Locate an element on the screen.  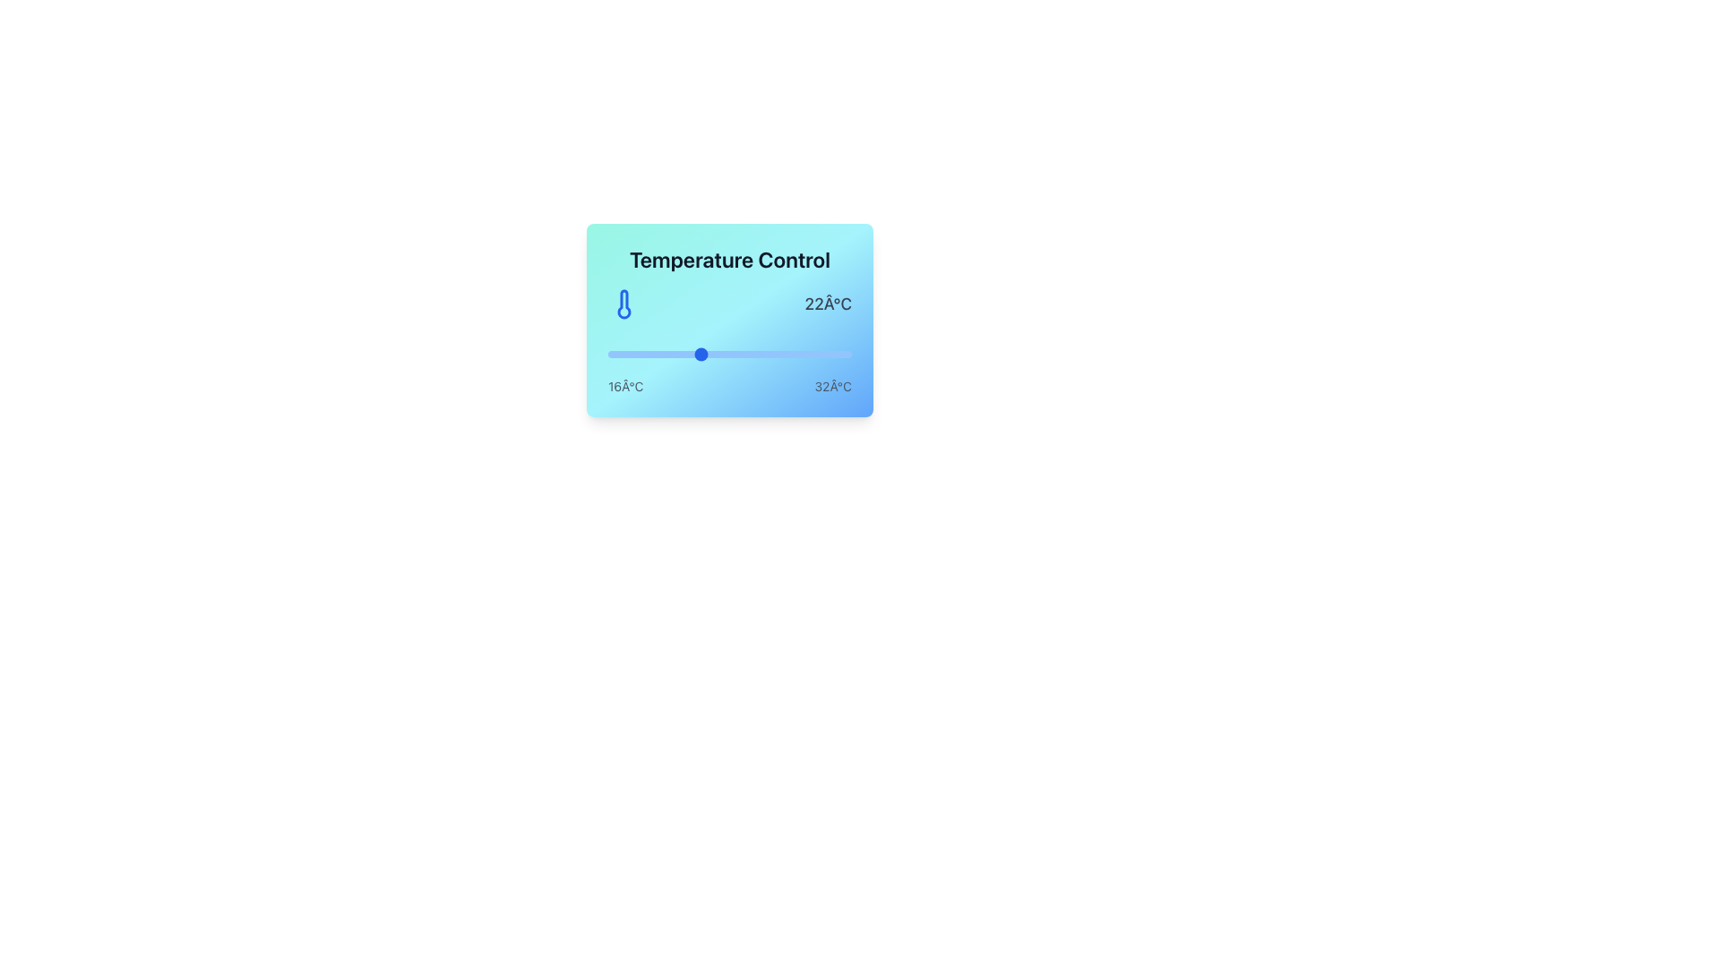
the temperature is located at coordinates (730, 355).